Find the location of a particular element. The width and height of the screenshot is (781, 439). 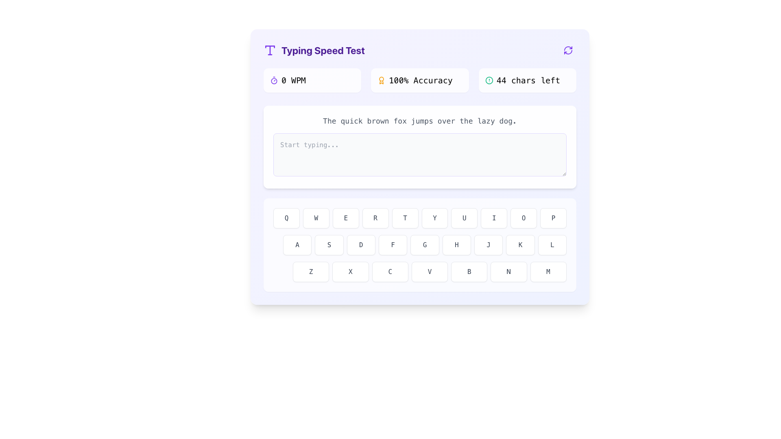

the text-based informational display that indicates the number of characters remaining in an active typing task, located at the third column of the grid above the typing box is located at coordinates (527, 80).